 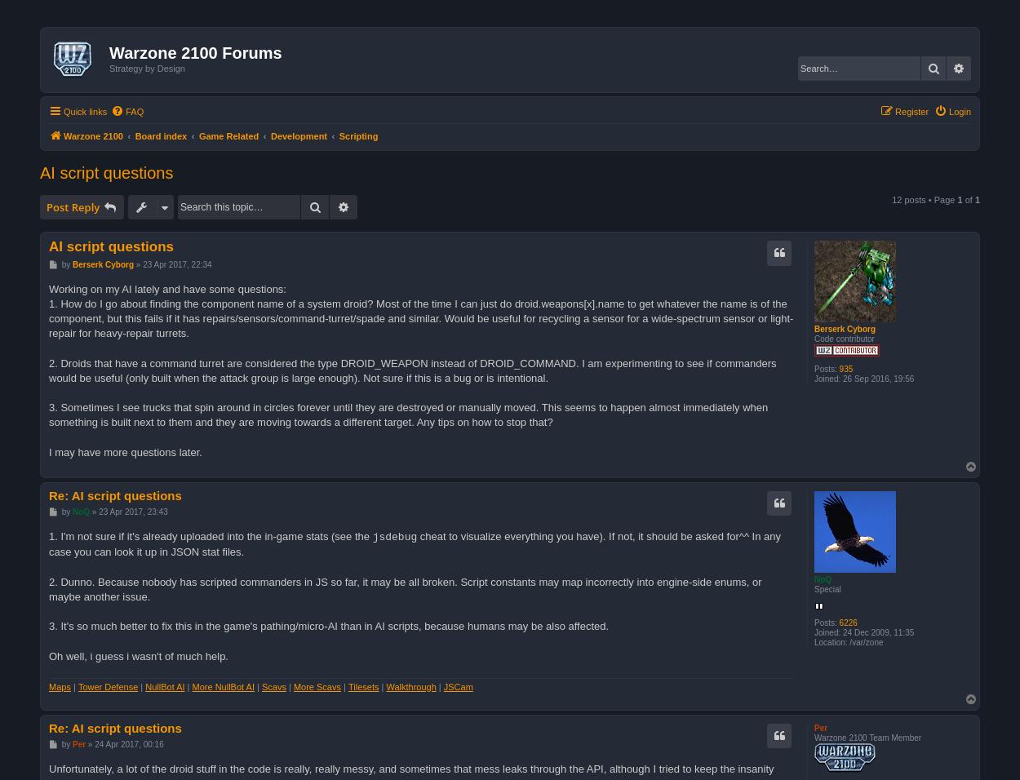 What do you see at coordinates (968, 199) in the screenshot?
I see `'of'` at bounding box center [968, 199].